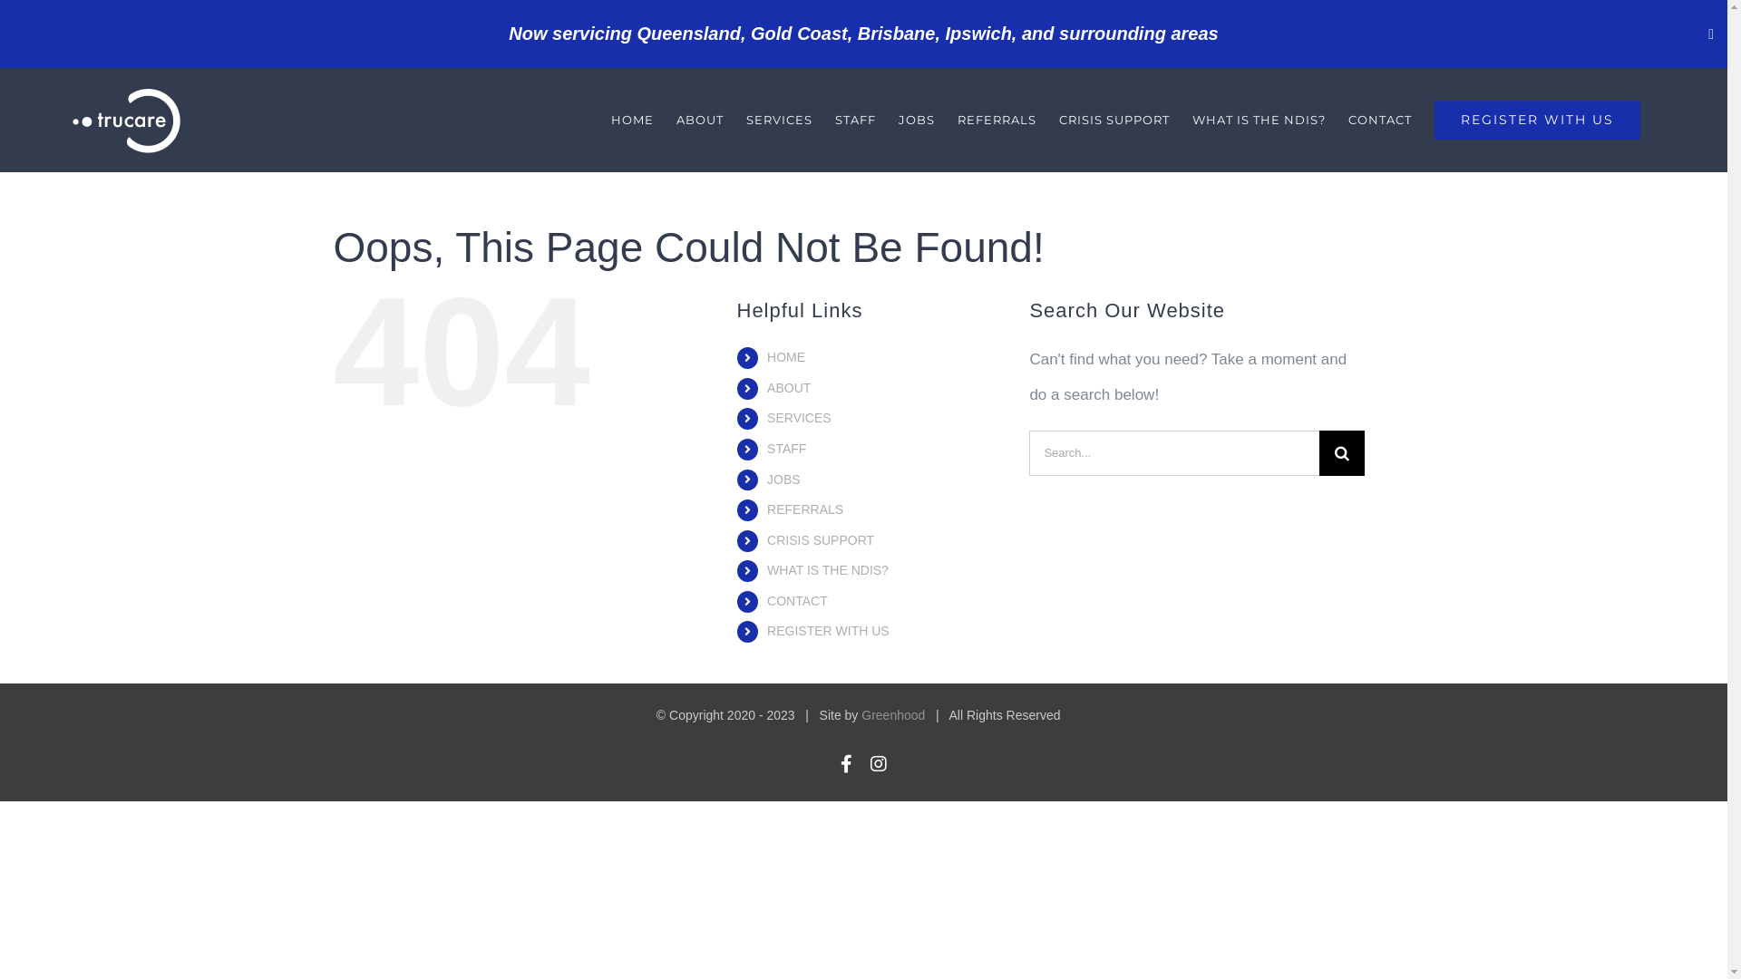 Image resolution: width=1741 pixels, height=979 pixels. Describe the element at coordinates (798, 418) in the screenshot. I see `'SERVICES'` at that location.